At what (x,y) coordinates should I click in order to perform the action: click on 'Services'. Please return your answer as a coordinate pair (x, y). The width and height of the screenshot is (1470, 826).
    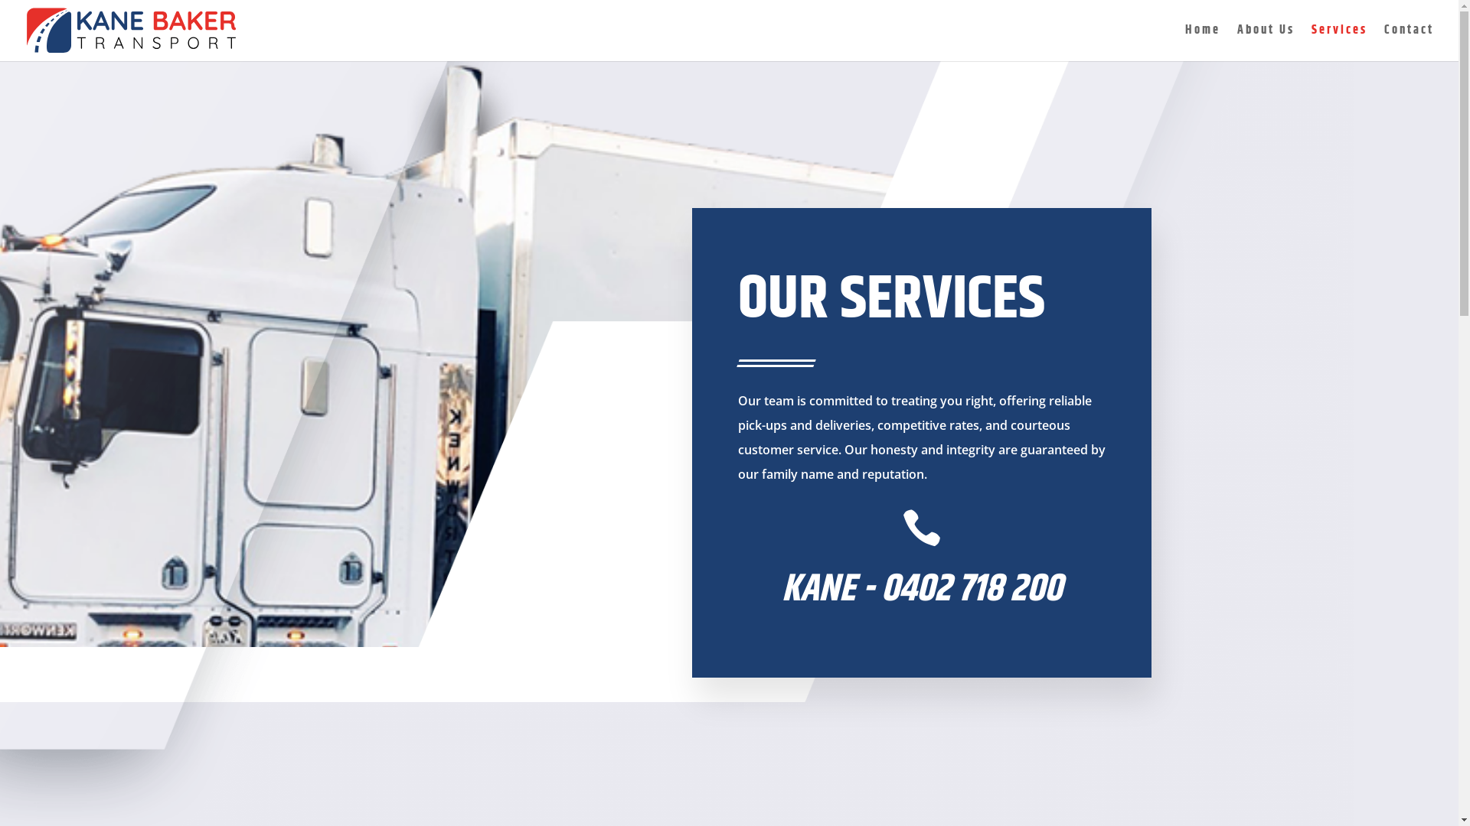
    Looking at the image, I should click on (1338, 42).